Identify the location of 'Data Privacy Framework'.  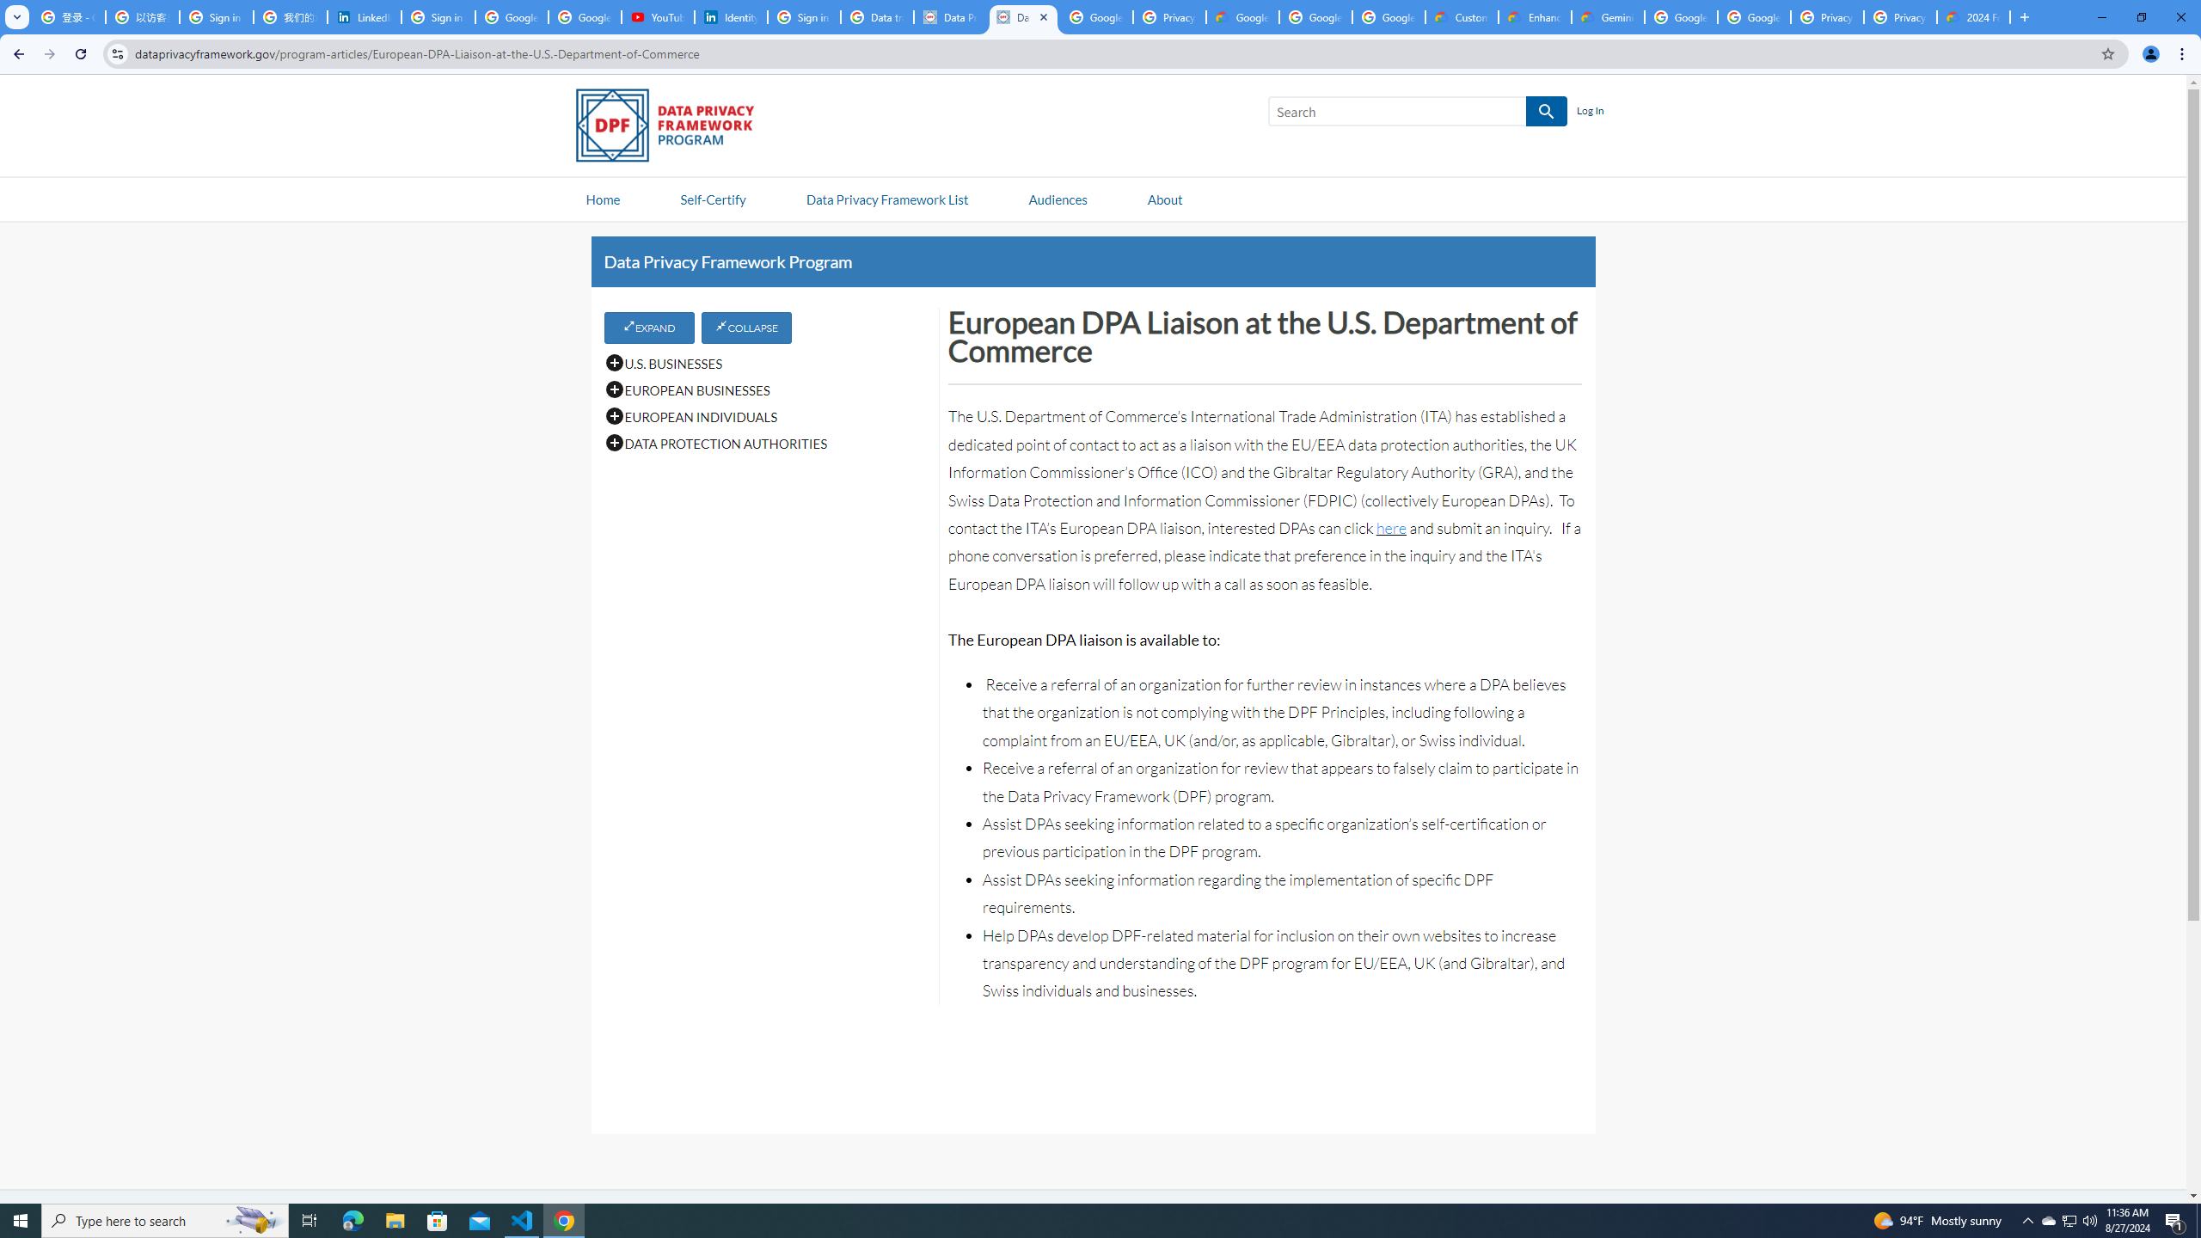
(949, 16).